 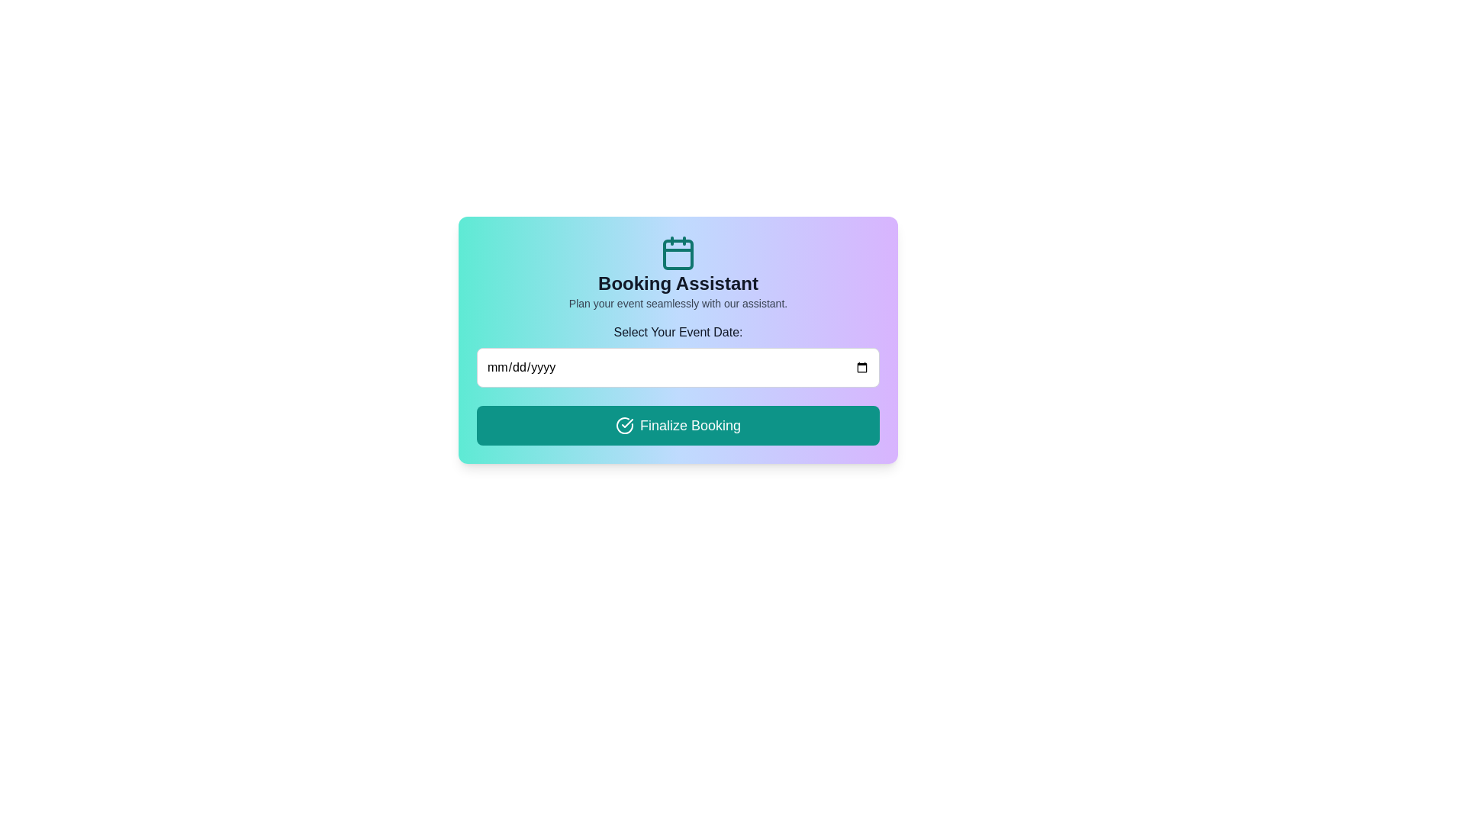 What do you see at coordinates (677, 303) in the screenshot?
I see `the label displaying the message 'Plan your event seamlessly with our assistant.' positioned beneath the 'Booking Assistant' header` at bounding box center [677, 303].